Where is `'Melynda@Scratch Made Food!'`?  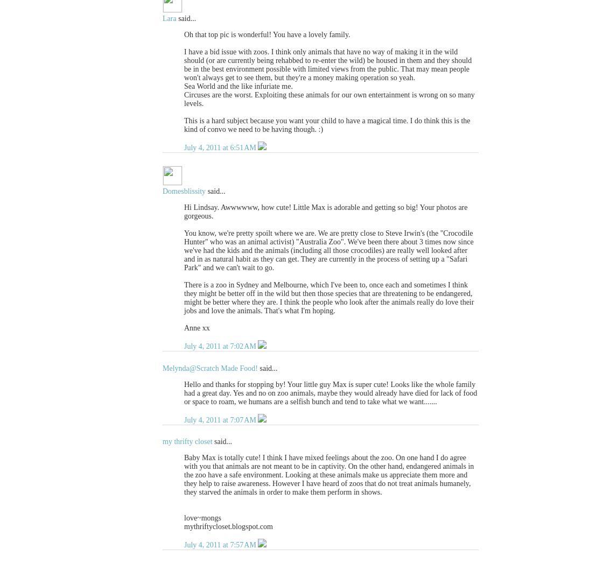
'Melynda@Scratch Made Food!' is located at coordinates (209, 368).